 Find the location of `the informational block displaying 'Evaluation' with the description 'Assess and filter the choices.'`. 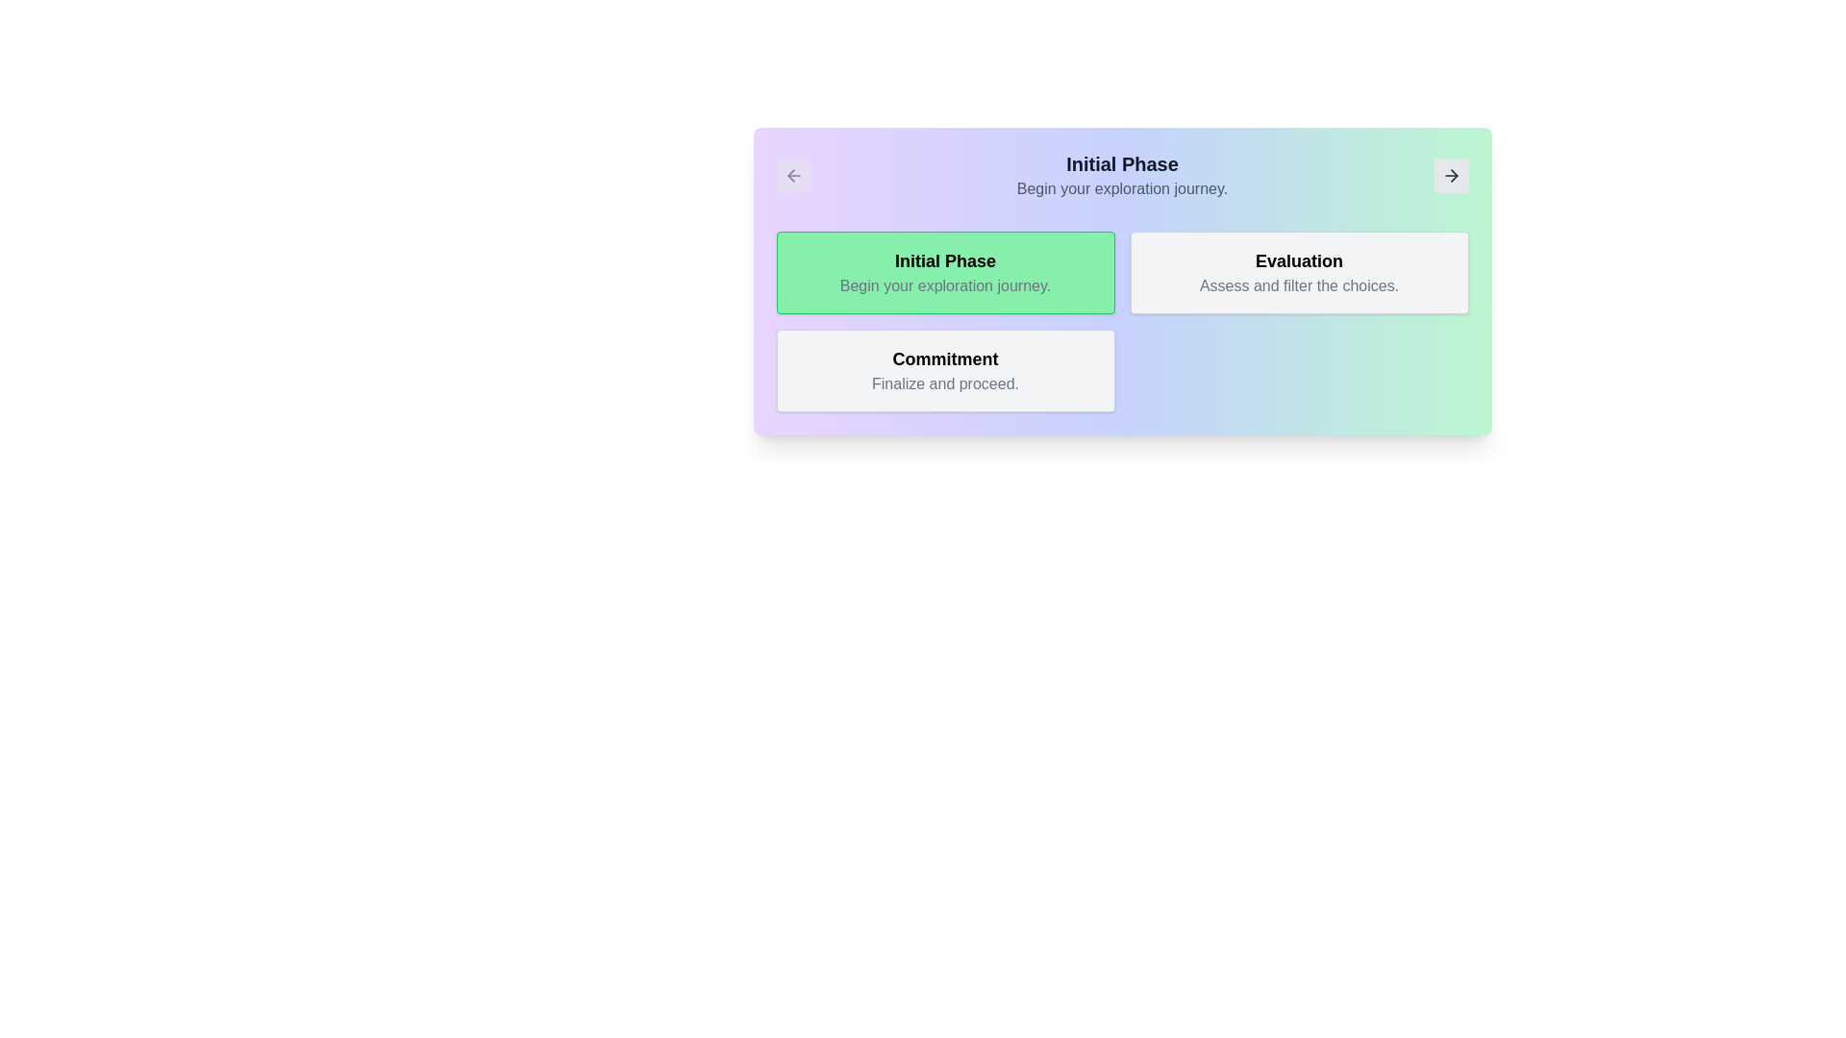

the informational block displaying 'Evaluation' with the description 'Assess and filter the choices.' is located at coordinates (1299, 273).